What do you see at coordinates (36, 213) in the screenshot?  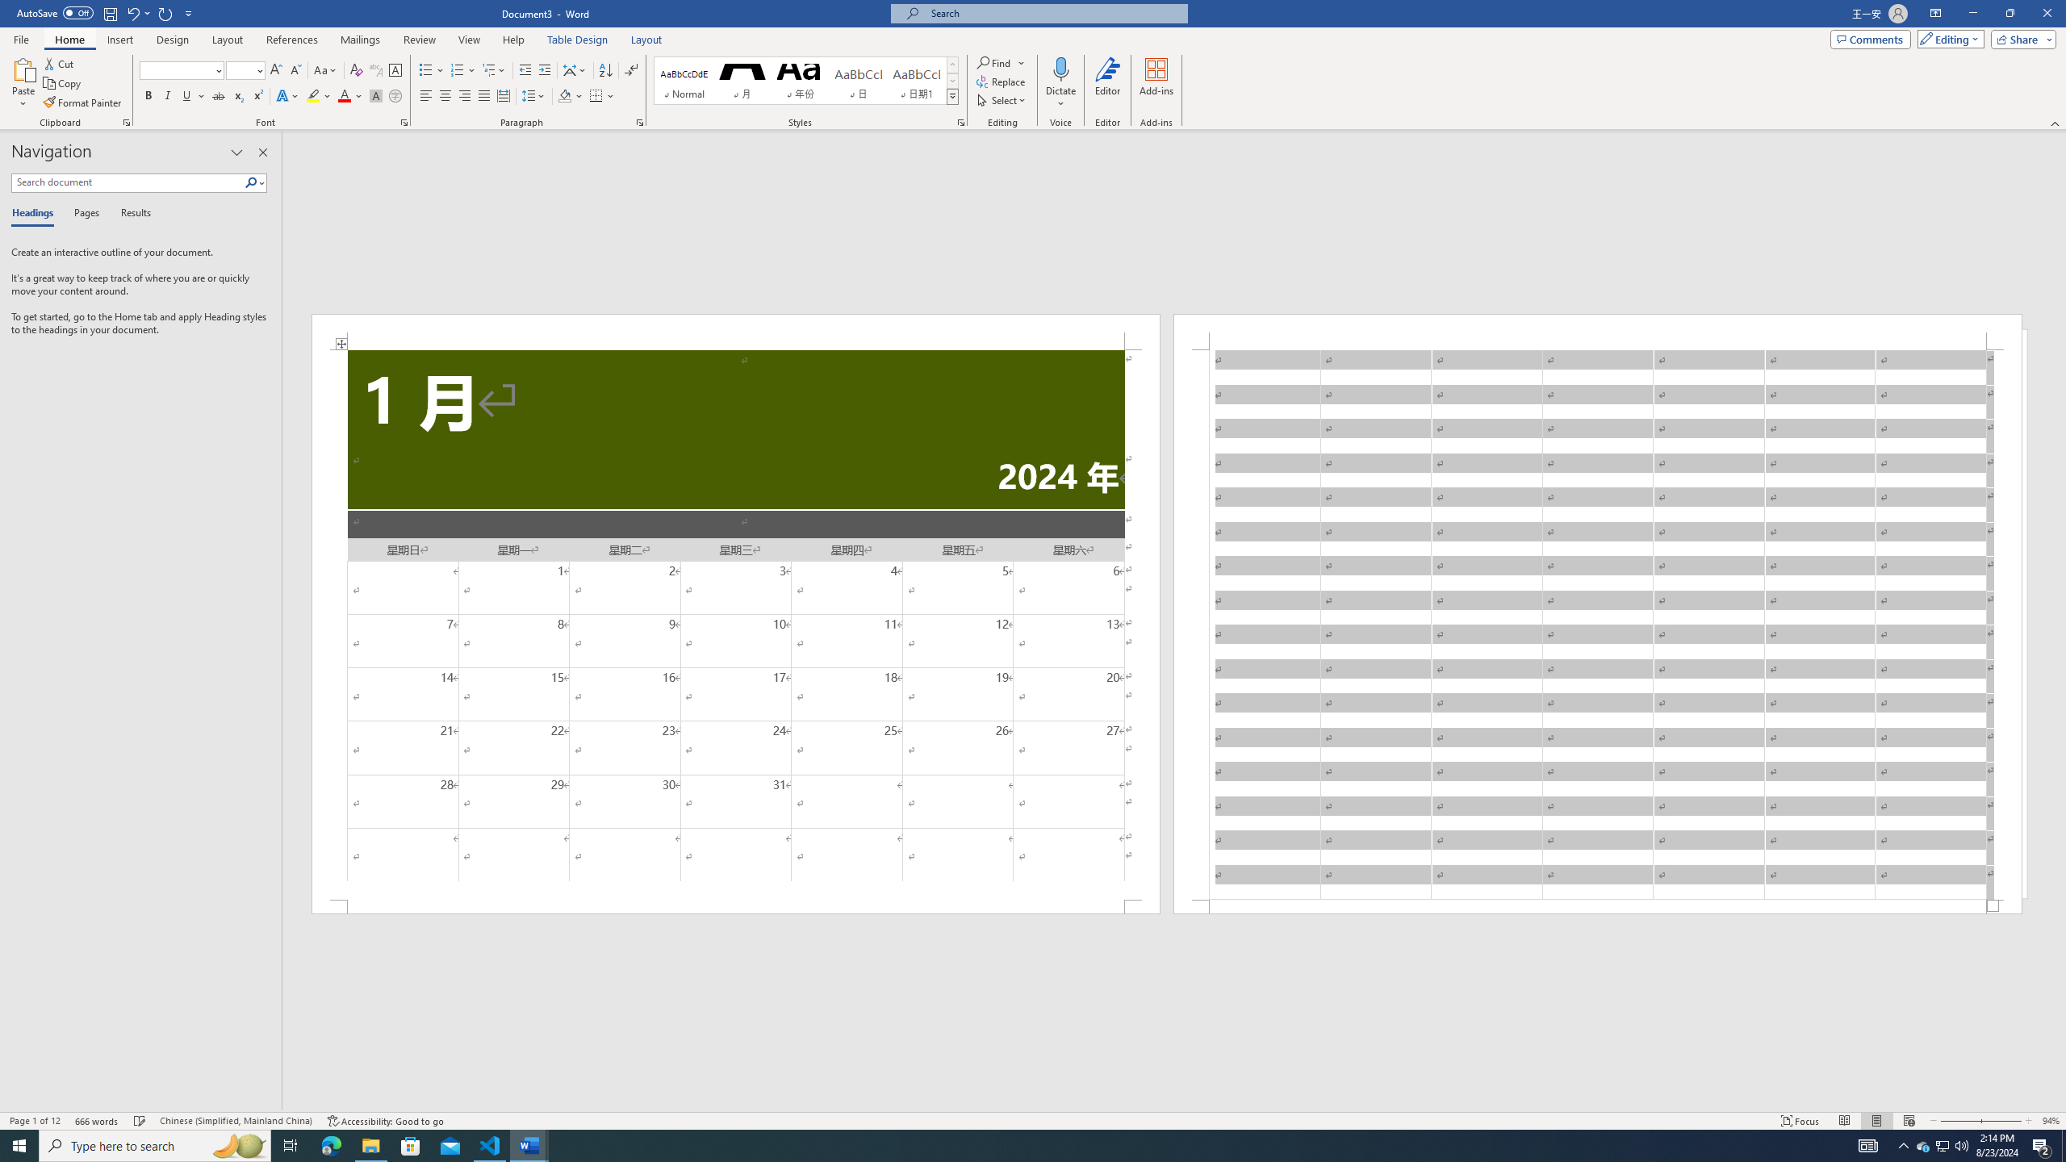 I see `'Headings'` at bounding box center [36, 213].